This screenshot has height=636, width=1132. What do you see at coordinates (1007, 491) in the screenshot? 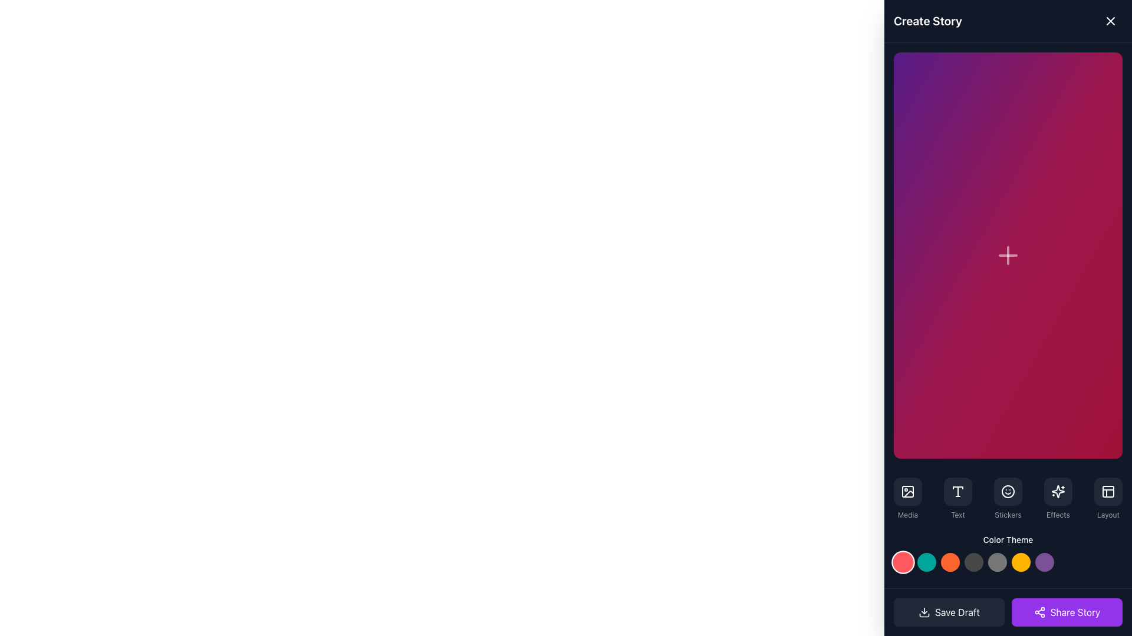
I see `the outer circular part of the smiley face icon located in the sidebar's stickers section` at bounding box center [1007, 491].